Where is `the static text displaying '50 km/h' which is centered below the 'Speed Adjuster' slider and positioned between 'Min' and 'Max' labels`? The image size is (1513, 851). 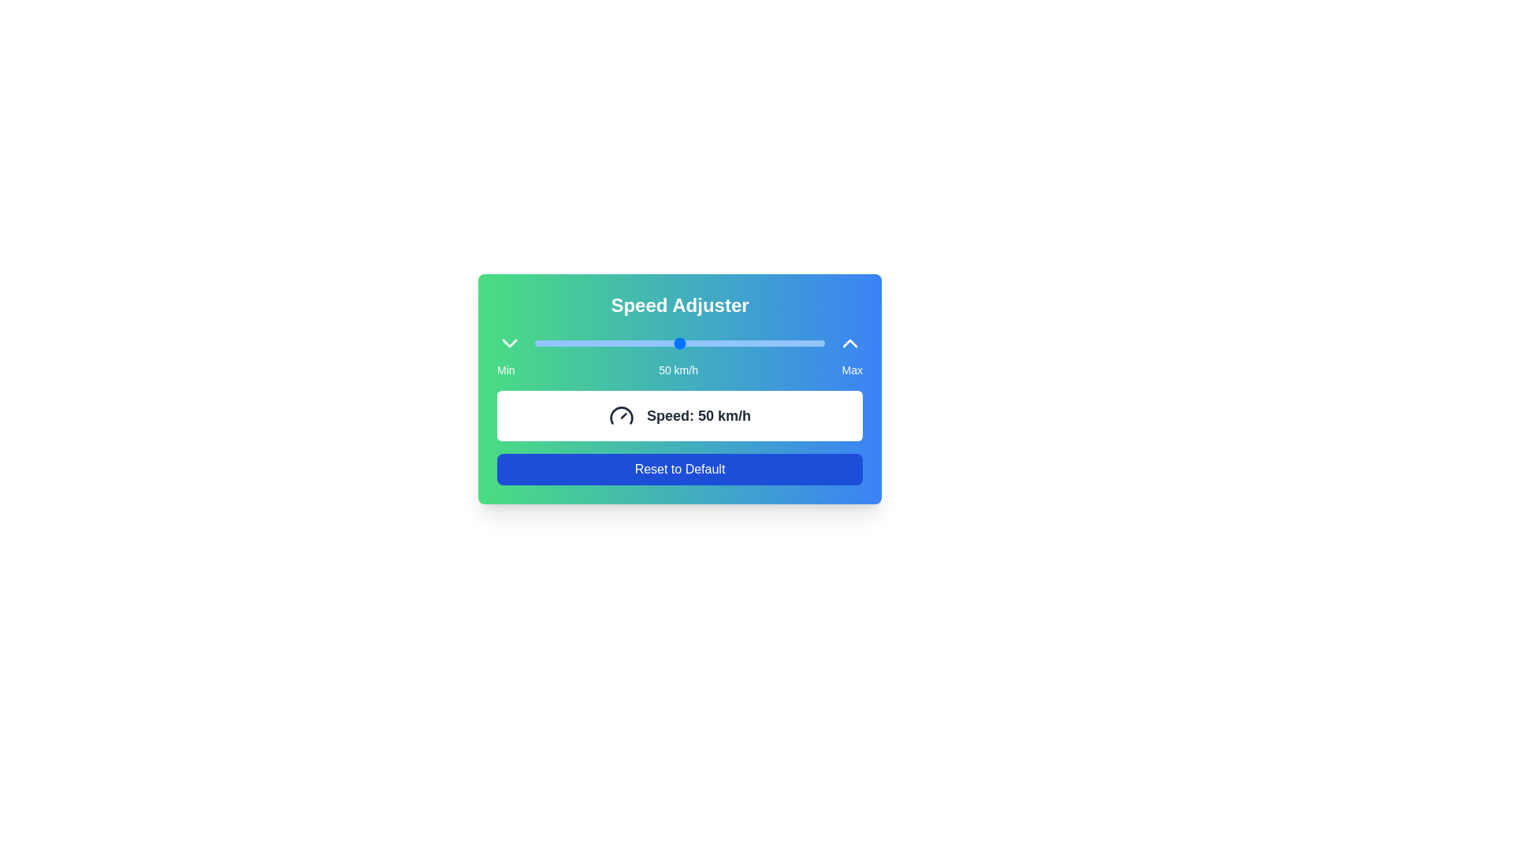
the static text displaying '50 km/h' which is centered below the 'Speed Adjuster' slider and positioned between 'Min' and 'Max' labels is located at coordinates (678, 370).